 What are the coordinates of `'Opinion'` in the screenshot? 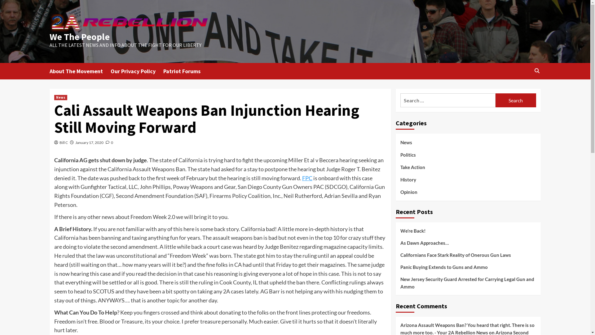 It's located at (400, 191).